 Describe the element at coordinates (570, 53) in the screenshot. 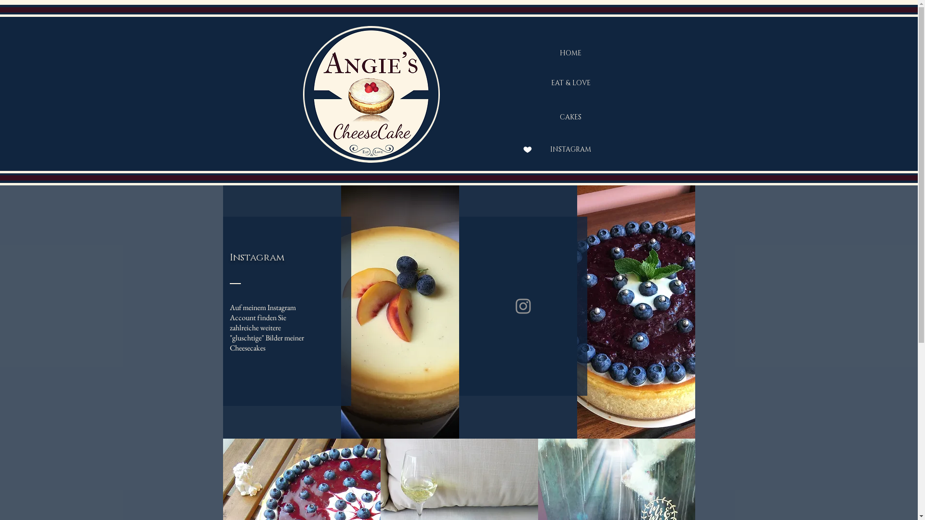

I see `'HOME'` at that location.